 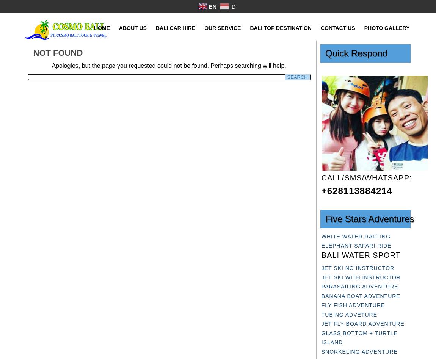 I want to click on 'ELEPHANT SAFARI RIDE', so click(x=356, y=246).